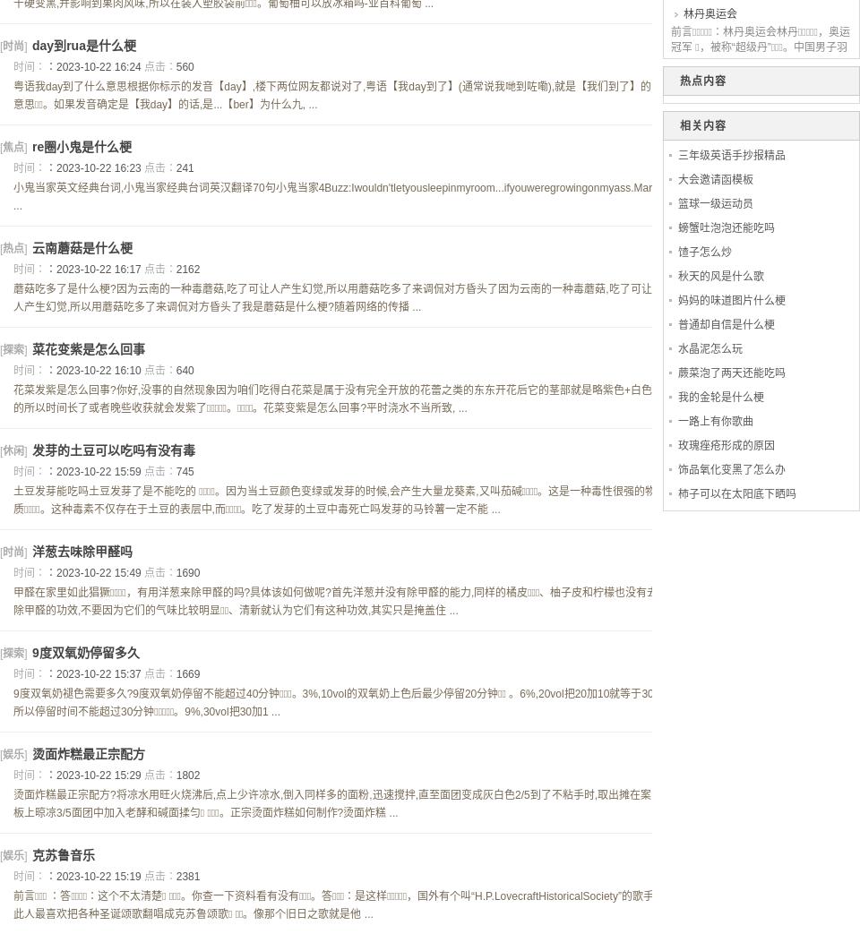 This screenshot has height=934, width=860. Describe the element at coordinates (331, 398) in the screenshot. I see `'花菜发紫是怎么回事?你好,没事的自然现象因为咱们吃得白花菜是属于没有完全开放的花蕾之类的东东开花后它的茎部就是略紫色+白色的所以时间长了或者晚些收获就会发紫了。。花菜变紫是怎么回事?平时浇水不当所致,
...'` at that location.